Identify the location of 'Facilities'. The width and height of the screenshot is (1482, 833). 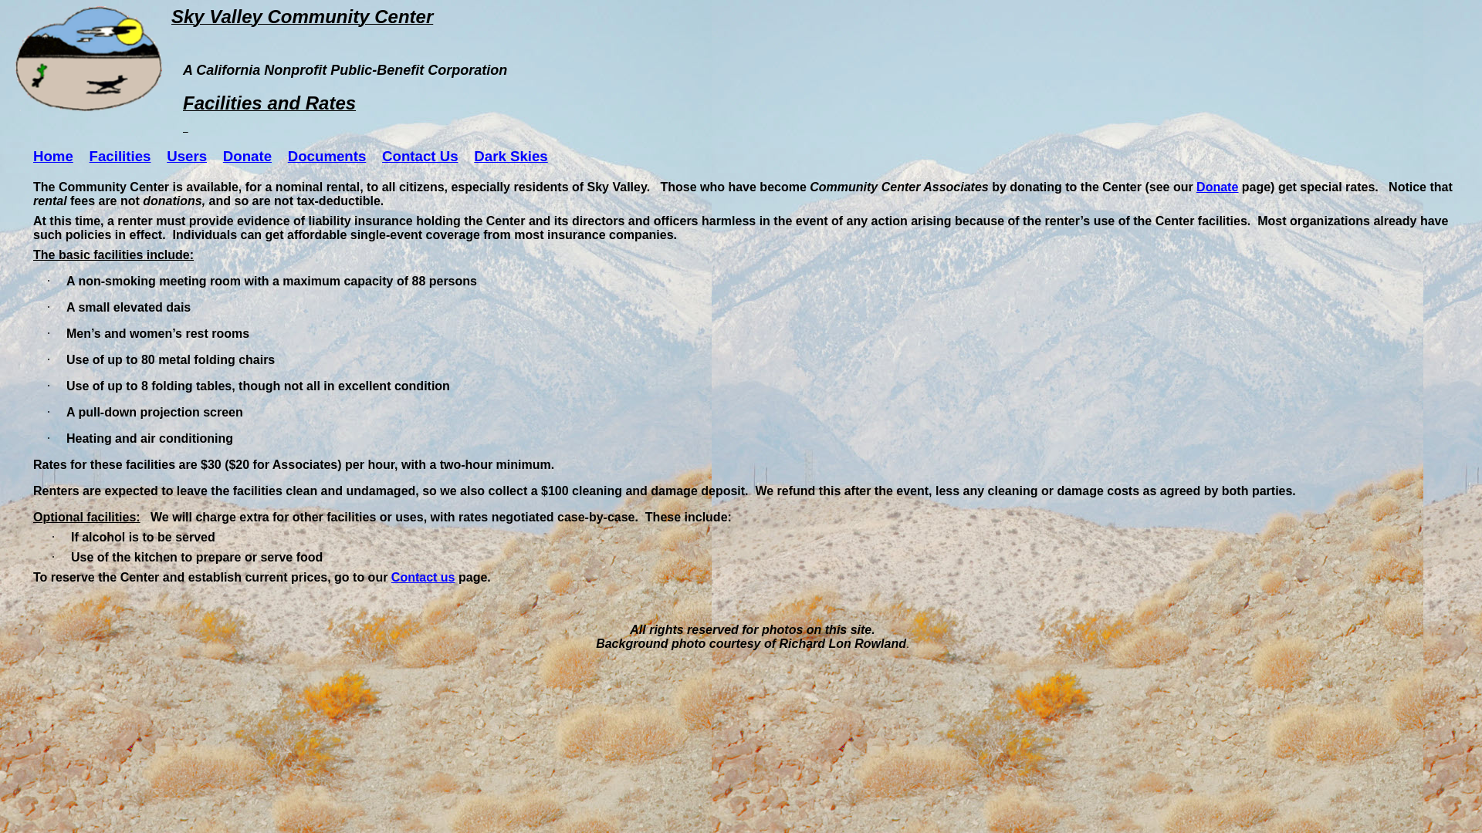
(120, 156).